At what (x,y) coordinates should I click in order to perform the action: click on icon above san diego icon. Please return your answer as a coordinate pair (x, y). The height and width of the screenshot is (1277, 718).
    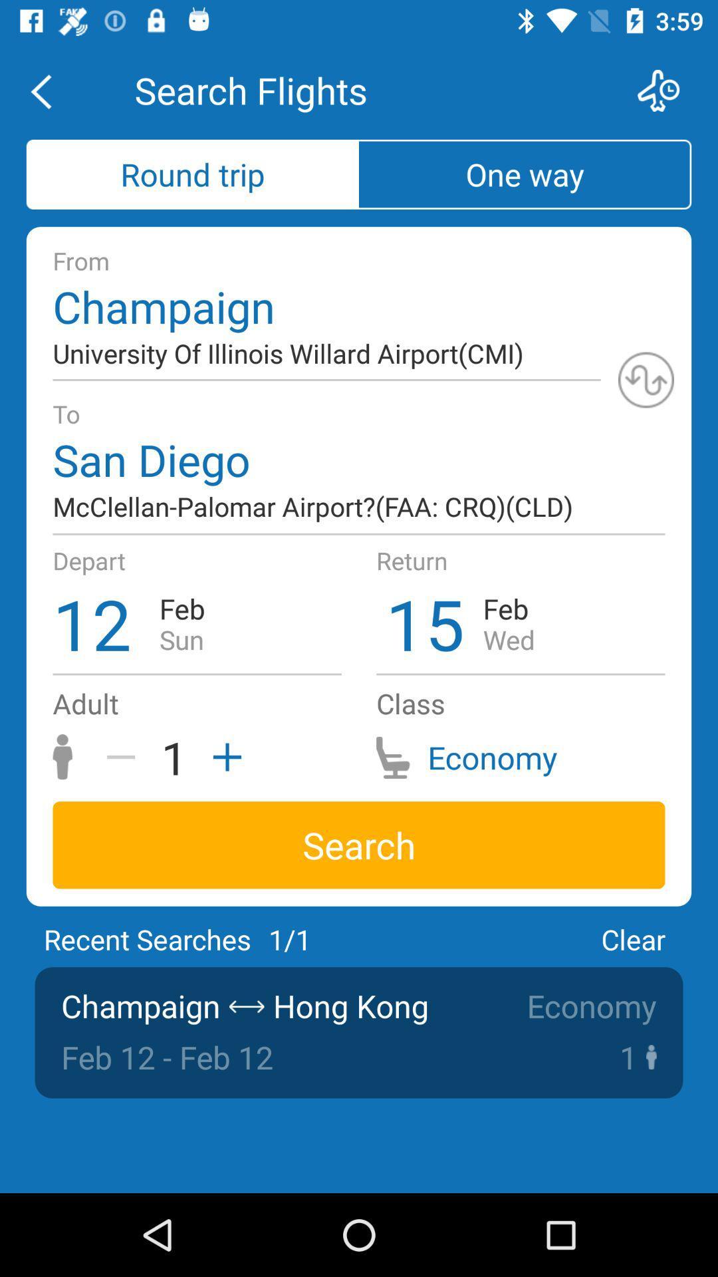
    Looking at the image, I should click on (646, 379).